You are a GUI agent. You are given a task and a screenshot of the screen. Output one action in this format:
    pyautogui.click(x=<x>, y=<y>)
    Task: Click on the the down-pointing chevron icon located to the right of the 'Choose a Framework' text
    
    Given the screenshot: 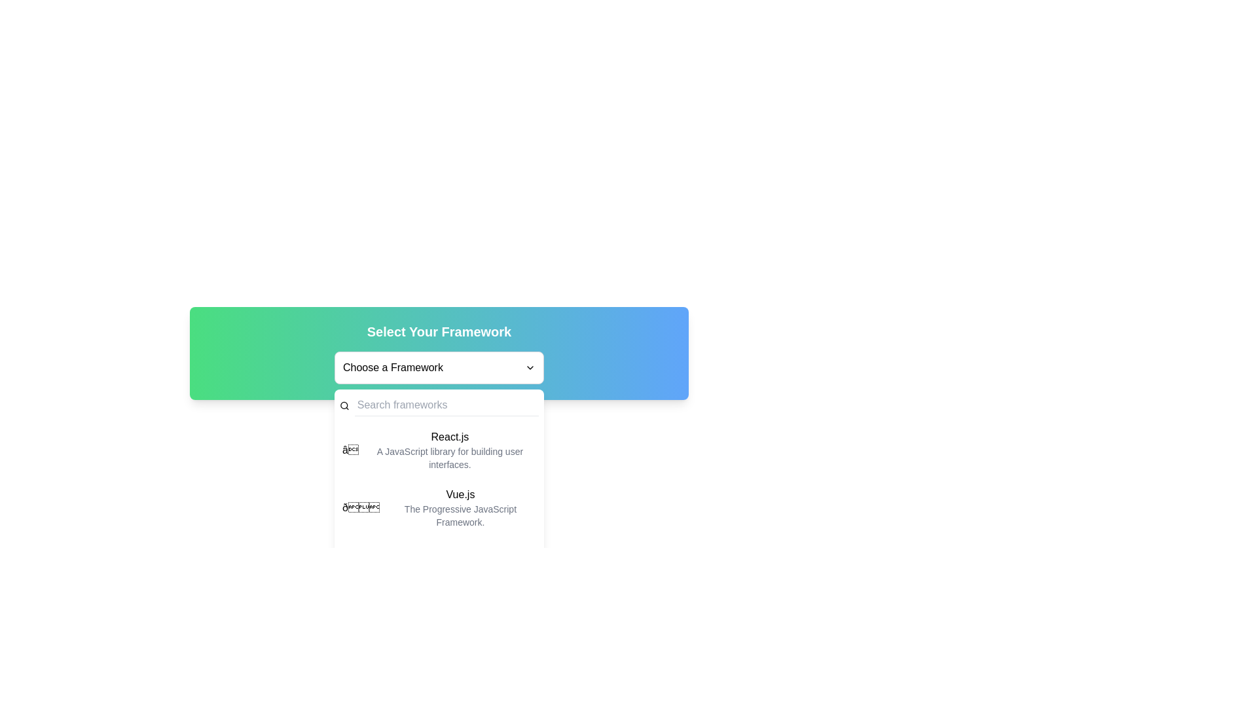 What is the action you would take?
    pyautogui.click(x=530, y=368)
    